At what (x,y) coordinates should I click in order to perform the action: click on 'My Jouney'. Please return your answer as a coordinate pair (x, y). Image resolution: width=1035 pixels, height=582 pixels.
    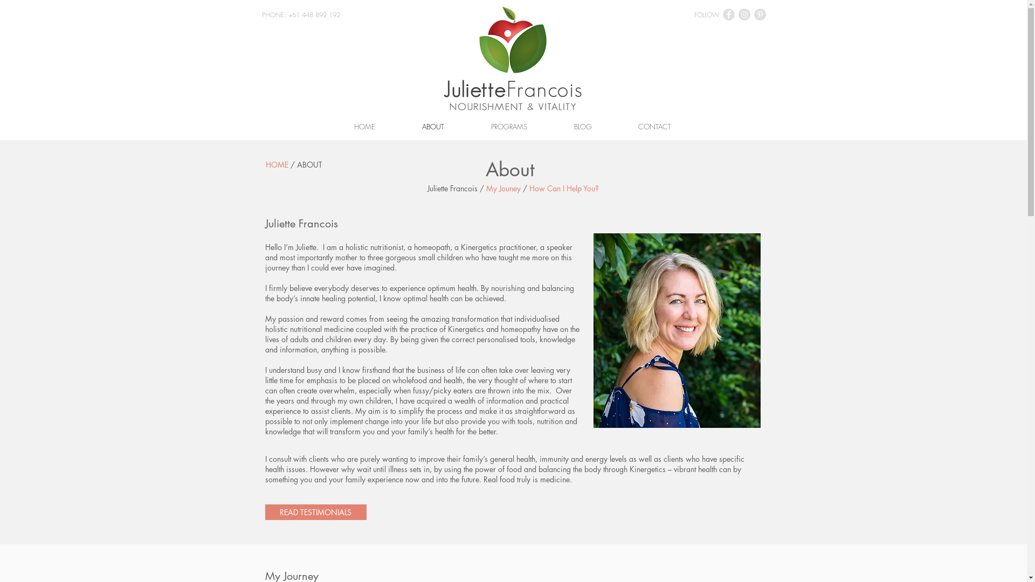
    Looking at the image, I should click on (503, 188).